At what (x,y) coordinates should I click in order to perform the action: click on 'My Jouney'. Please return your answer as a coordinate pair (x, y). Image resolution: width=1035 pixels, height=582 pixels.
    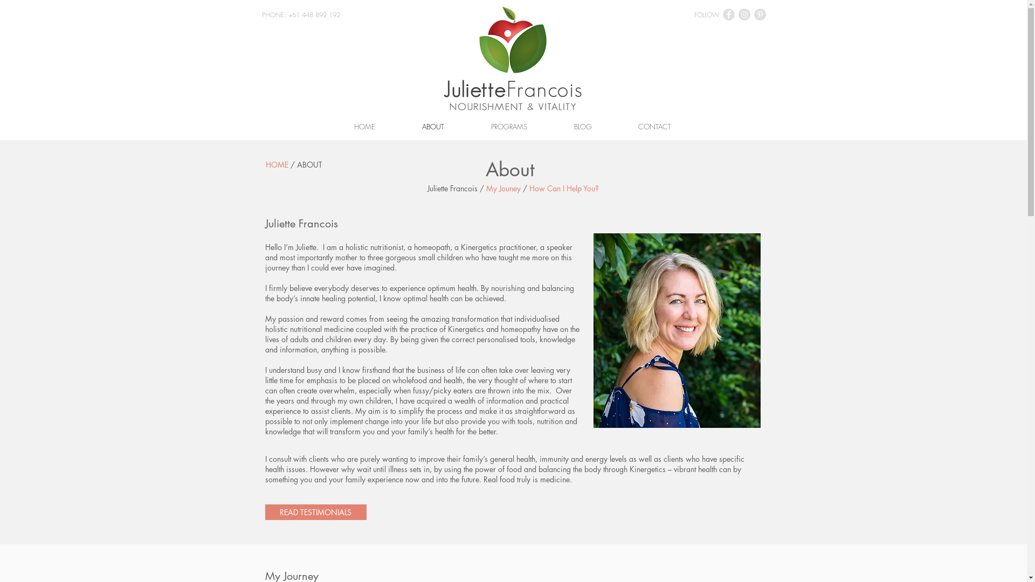
    Looking at the image, I should click on (503, 188).